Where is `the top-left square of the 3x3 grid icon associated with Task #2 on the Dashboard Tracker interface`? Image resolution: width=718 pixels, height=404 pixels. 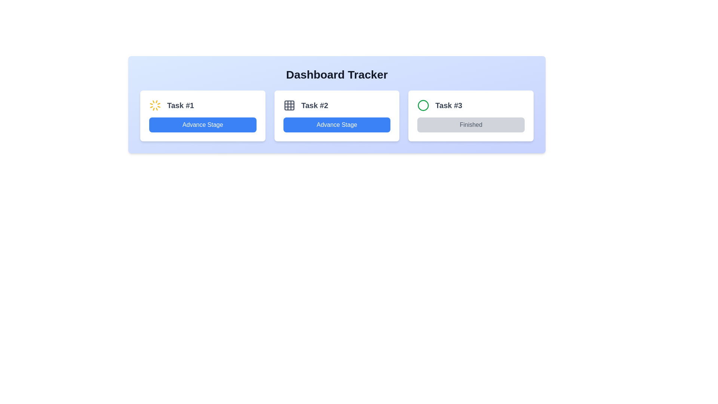 the top-left square of the 3x3 grid icon associated with Task #2 on the Dashboard Tracker interface is located at coordinates (289, 105).